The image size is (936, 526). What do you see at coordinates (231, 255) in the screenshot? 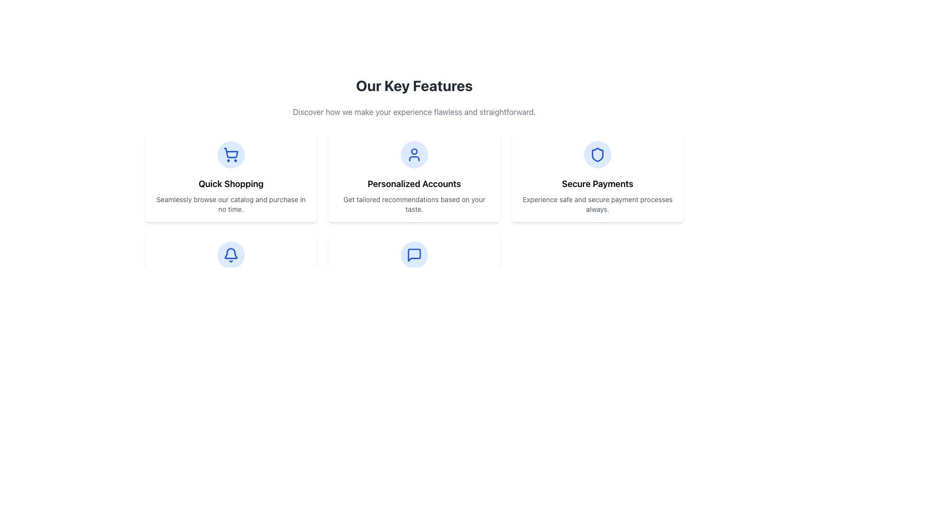
I see `the notification icon located within the 'Instant Notifications' card, which is positioned near the top and centered horizontally` at bounding box center [231, 255].